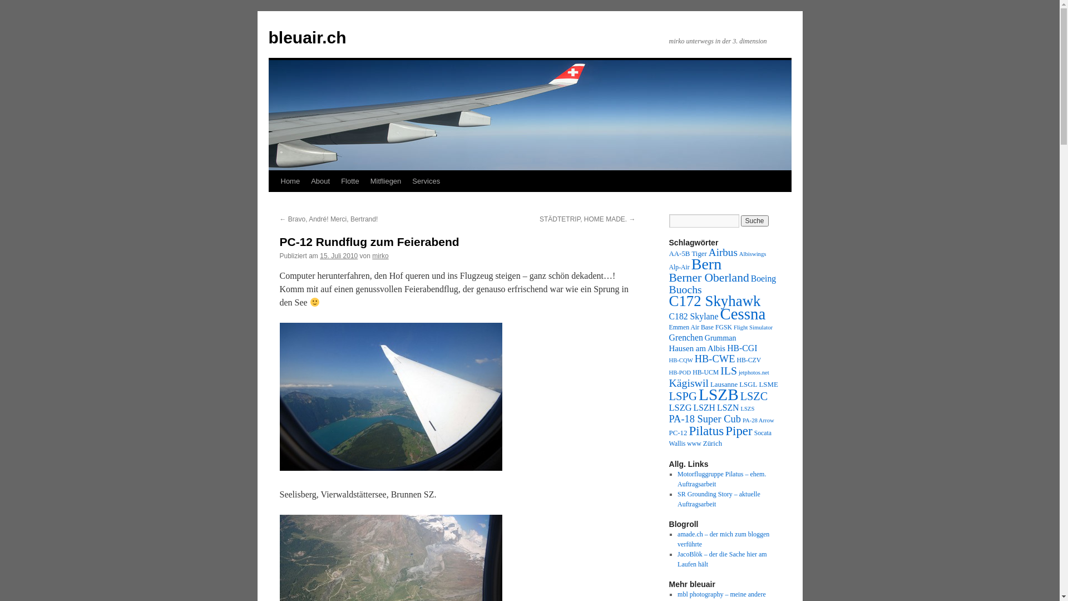 Image resolution: width=1068 pixels, height=601 pixels. What do you see at coordinates (687, 253) in the screenshot?
I see `'AA-5B Tiger'` at bounding box center [687, 253].